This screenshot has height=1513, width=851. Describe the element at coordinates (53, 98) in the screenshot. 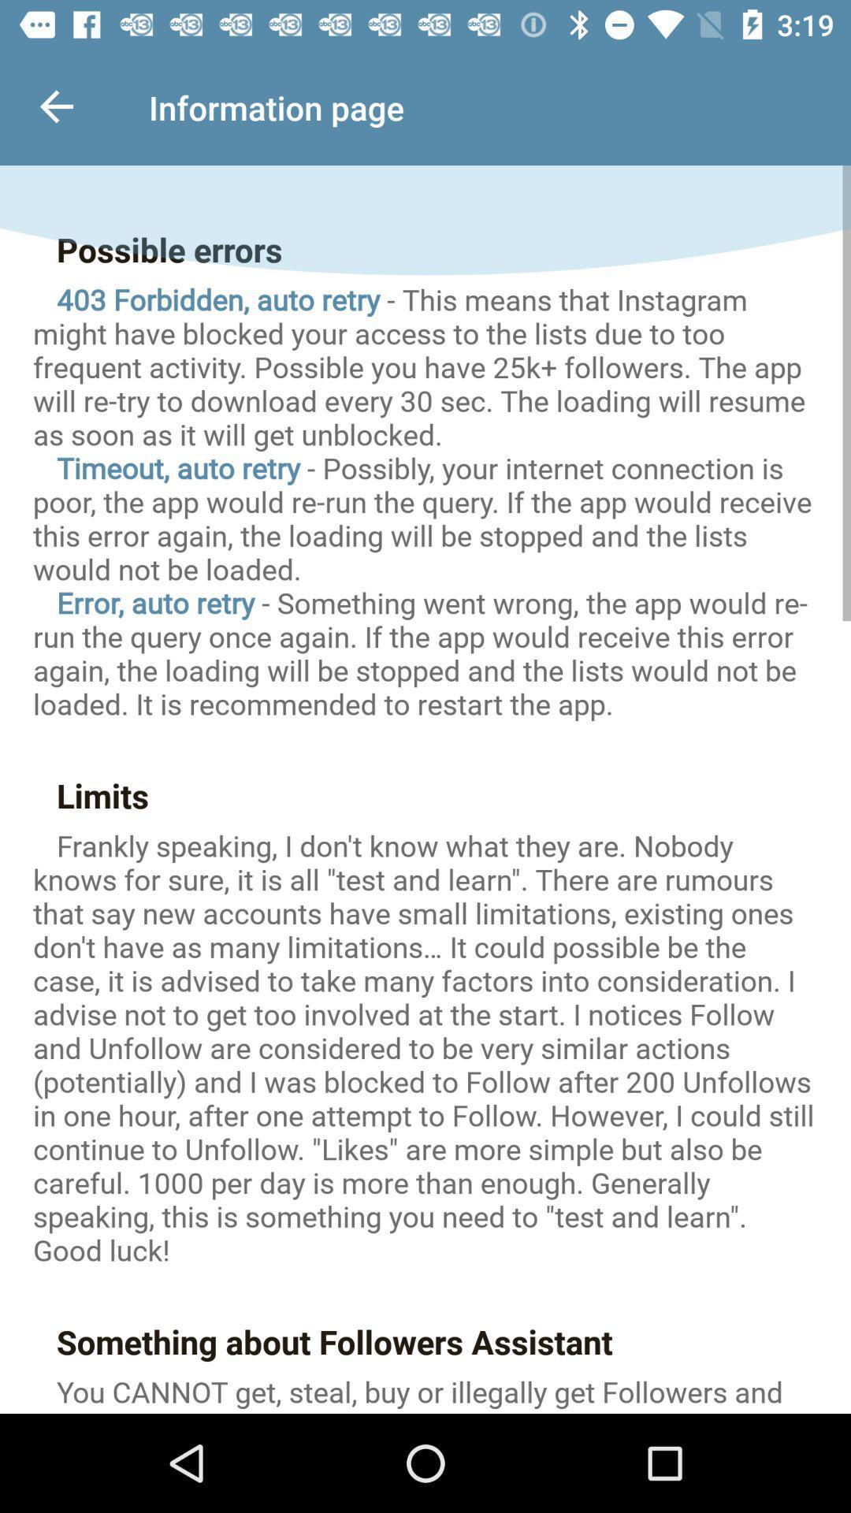

I see `the back arrow on the top` at that location.